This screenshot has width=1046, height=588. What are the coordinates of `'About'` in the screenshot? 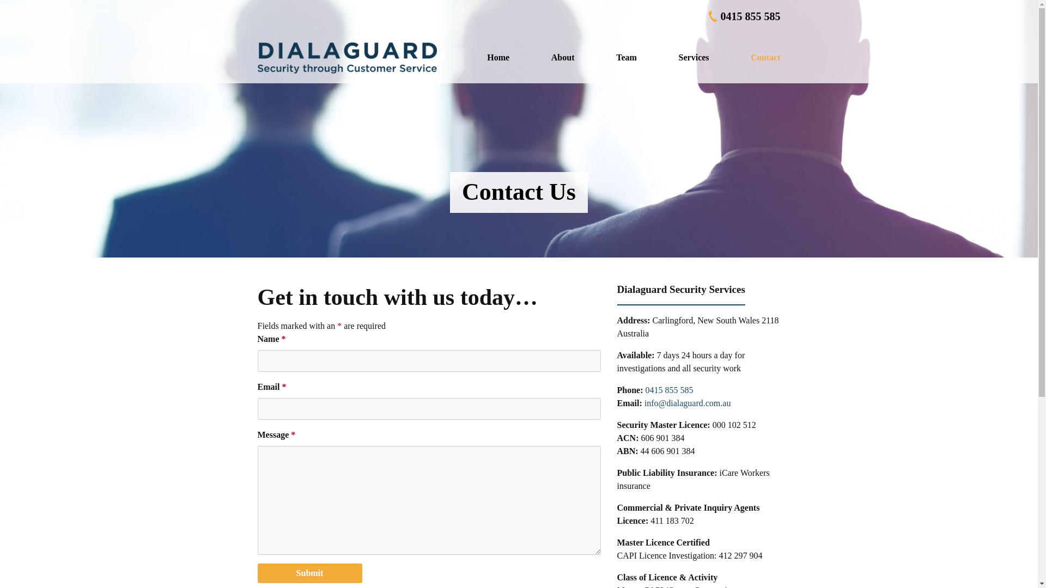 It's located at (563, 57).